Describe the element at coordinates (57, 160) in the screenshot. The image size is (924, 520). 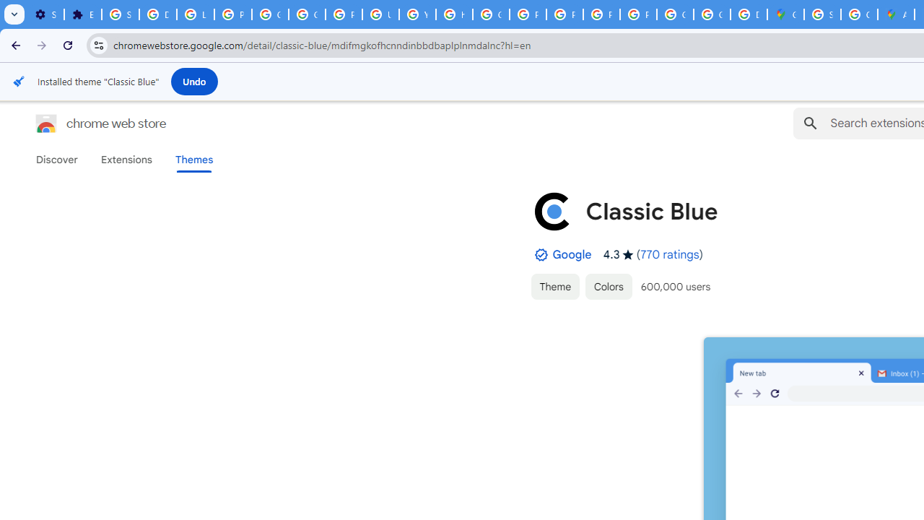
I see `'Discover'` at that location.